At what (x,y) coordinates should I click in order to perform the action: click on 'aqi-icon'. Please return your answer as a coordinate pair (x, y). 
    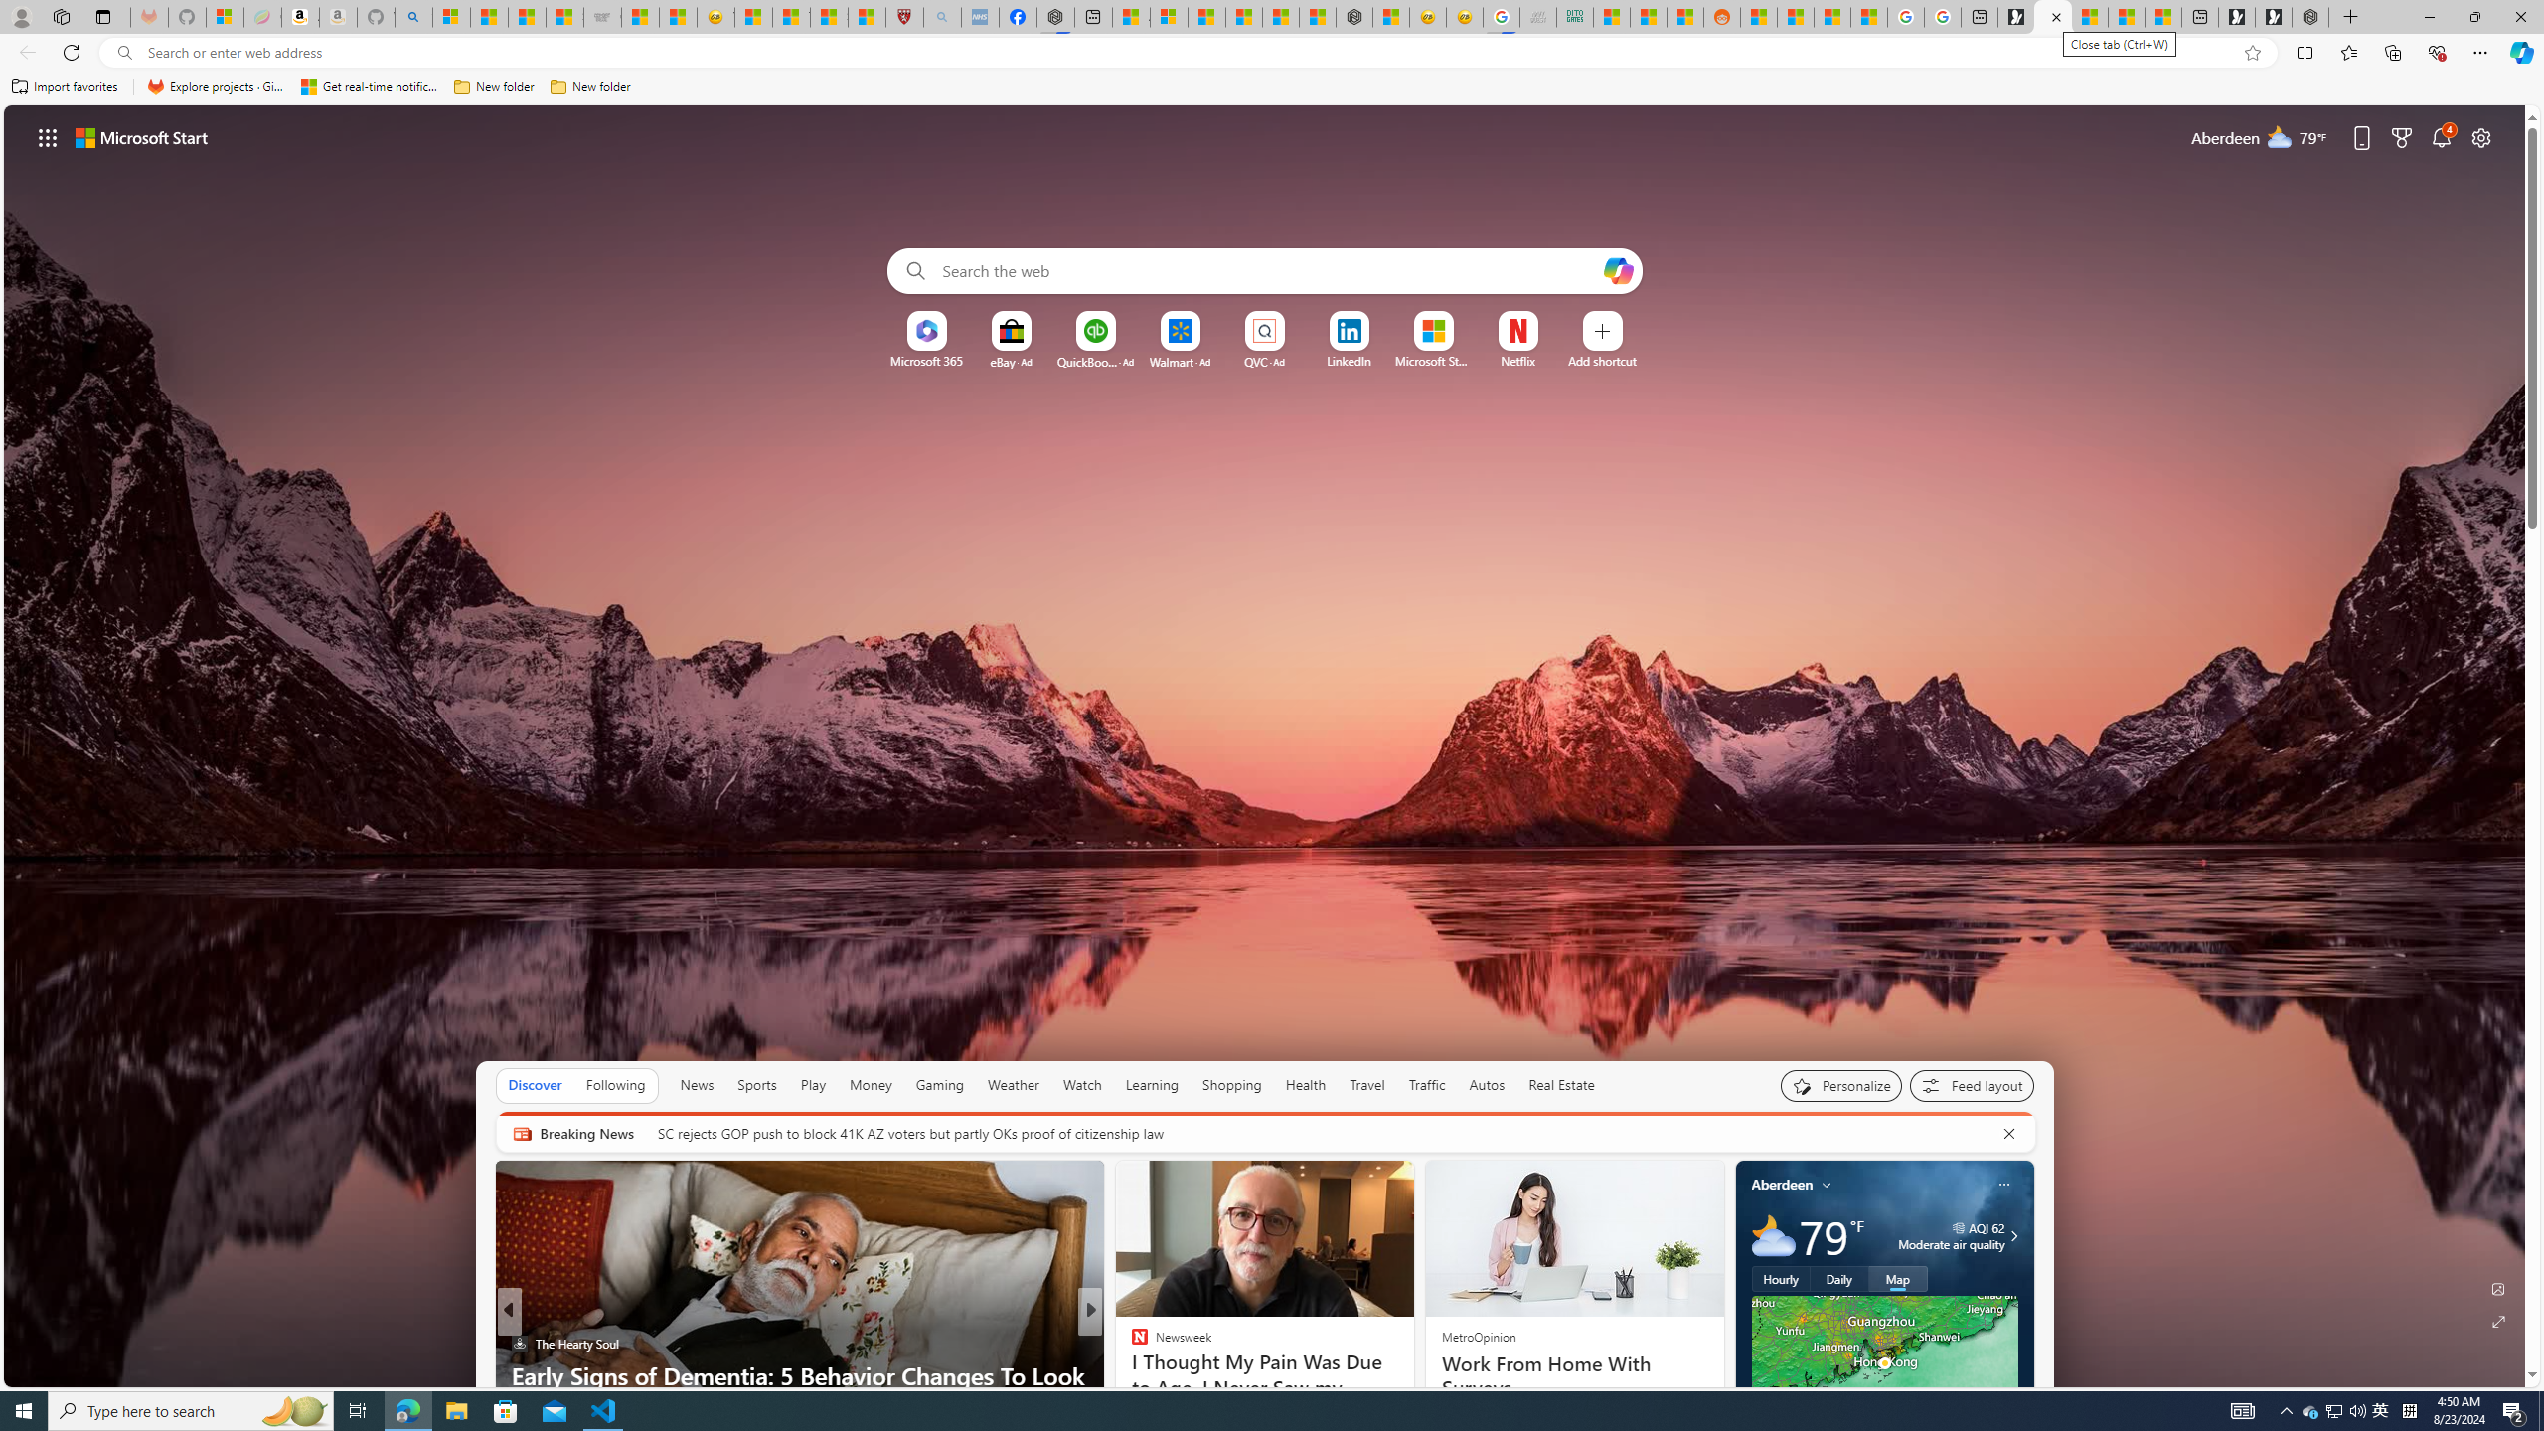
    Looking at the image, I should click on (1960, 1226).